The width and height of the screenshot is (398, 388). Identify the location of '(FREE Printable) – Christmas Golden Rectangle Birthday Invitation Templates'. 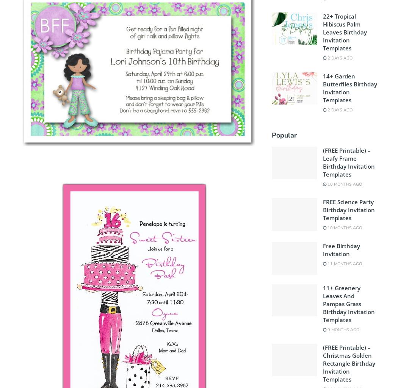
(349, 363).